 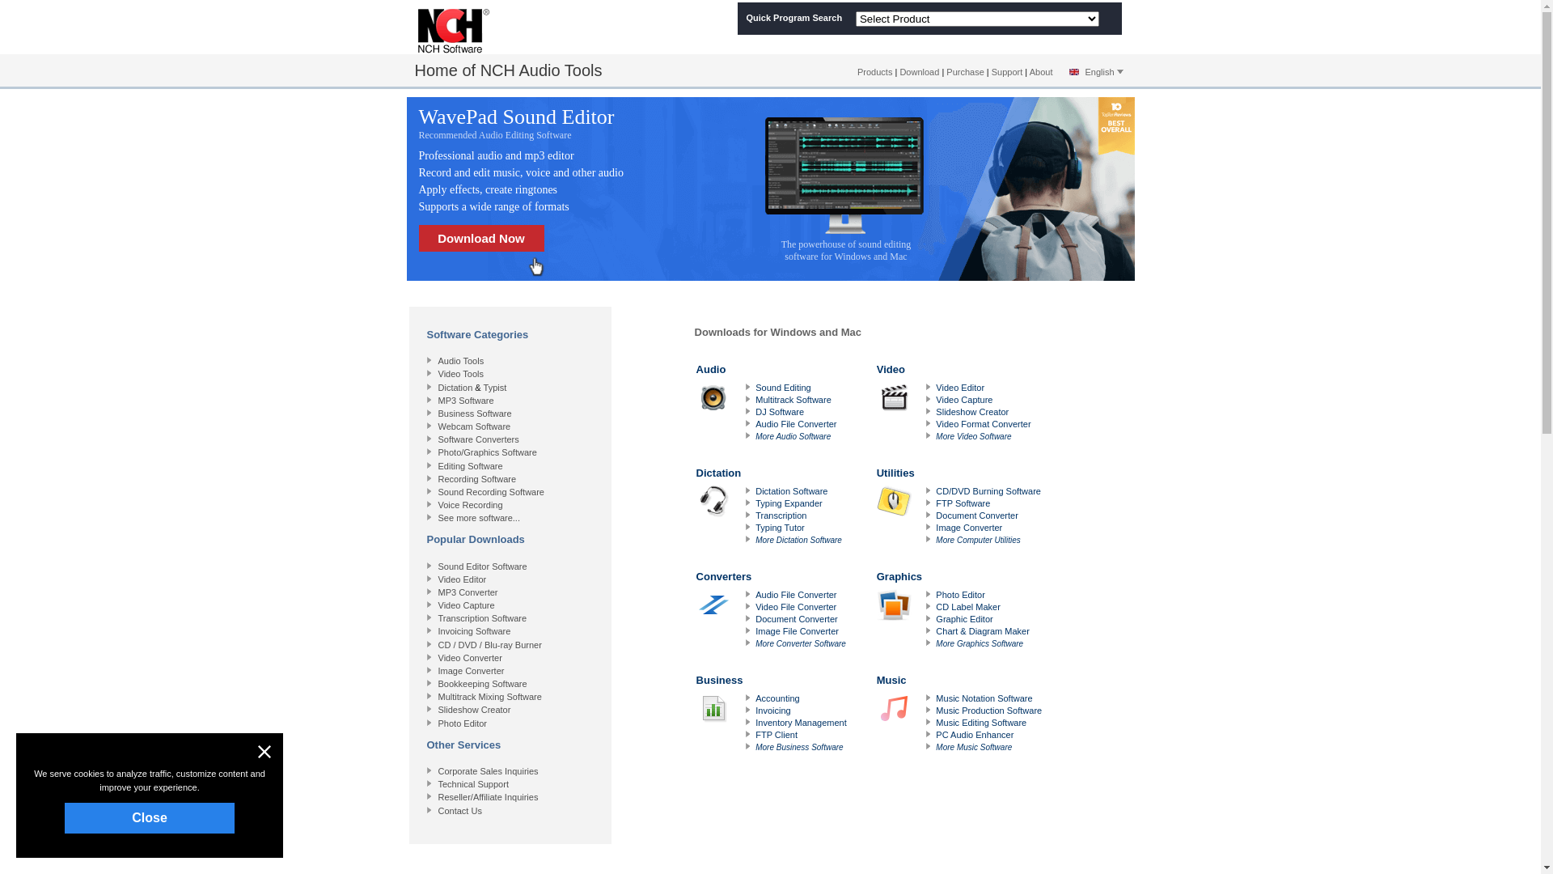 What do you see at coordinates (468, 592) in the screenshot?
I see `'MP3 Converter'` at bounding box center [468, 592].